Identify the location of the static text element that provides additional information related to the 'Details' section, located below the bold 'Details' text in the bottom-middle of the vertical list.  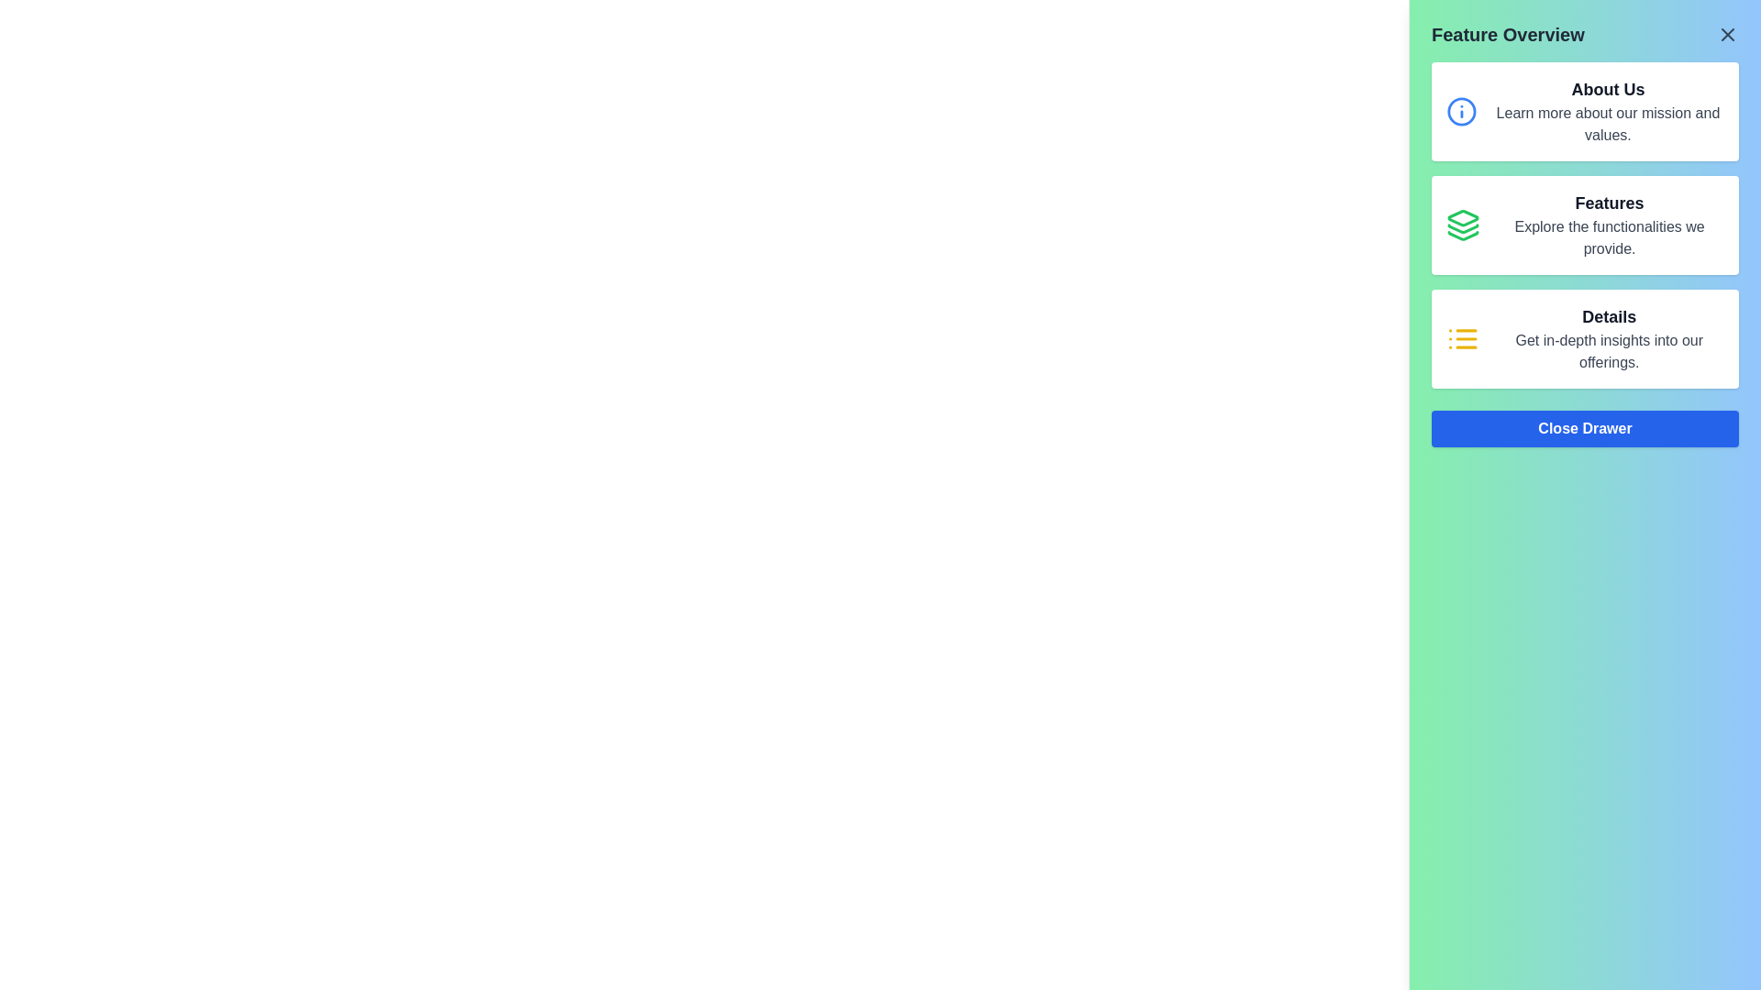
(1608, 352).